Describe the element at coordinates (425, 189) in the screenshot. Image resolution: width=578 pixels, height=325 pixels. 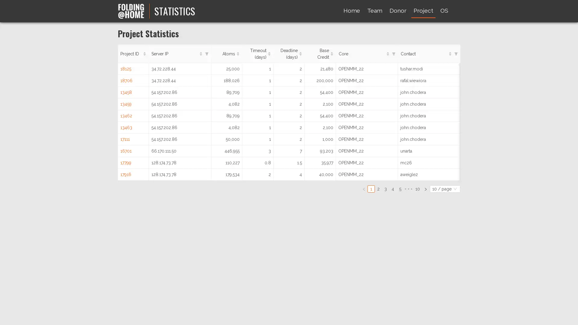
I see `right` at that location.